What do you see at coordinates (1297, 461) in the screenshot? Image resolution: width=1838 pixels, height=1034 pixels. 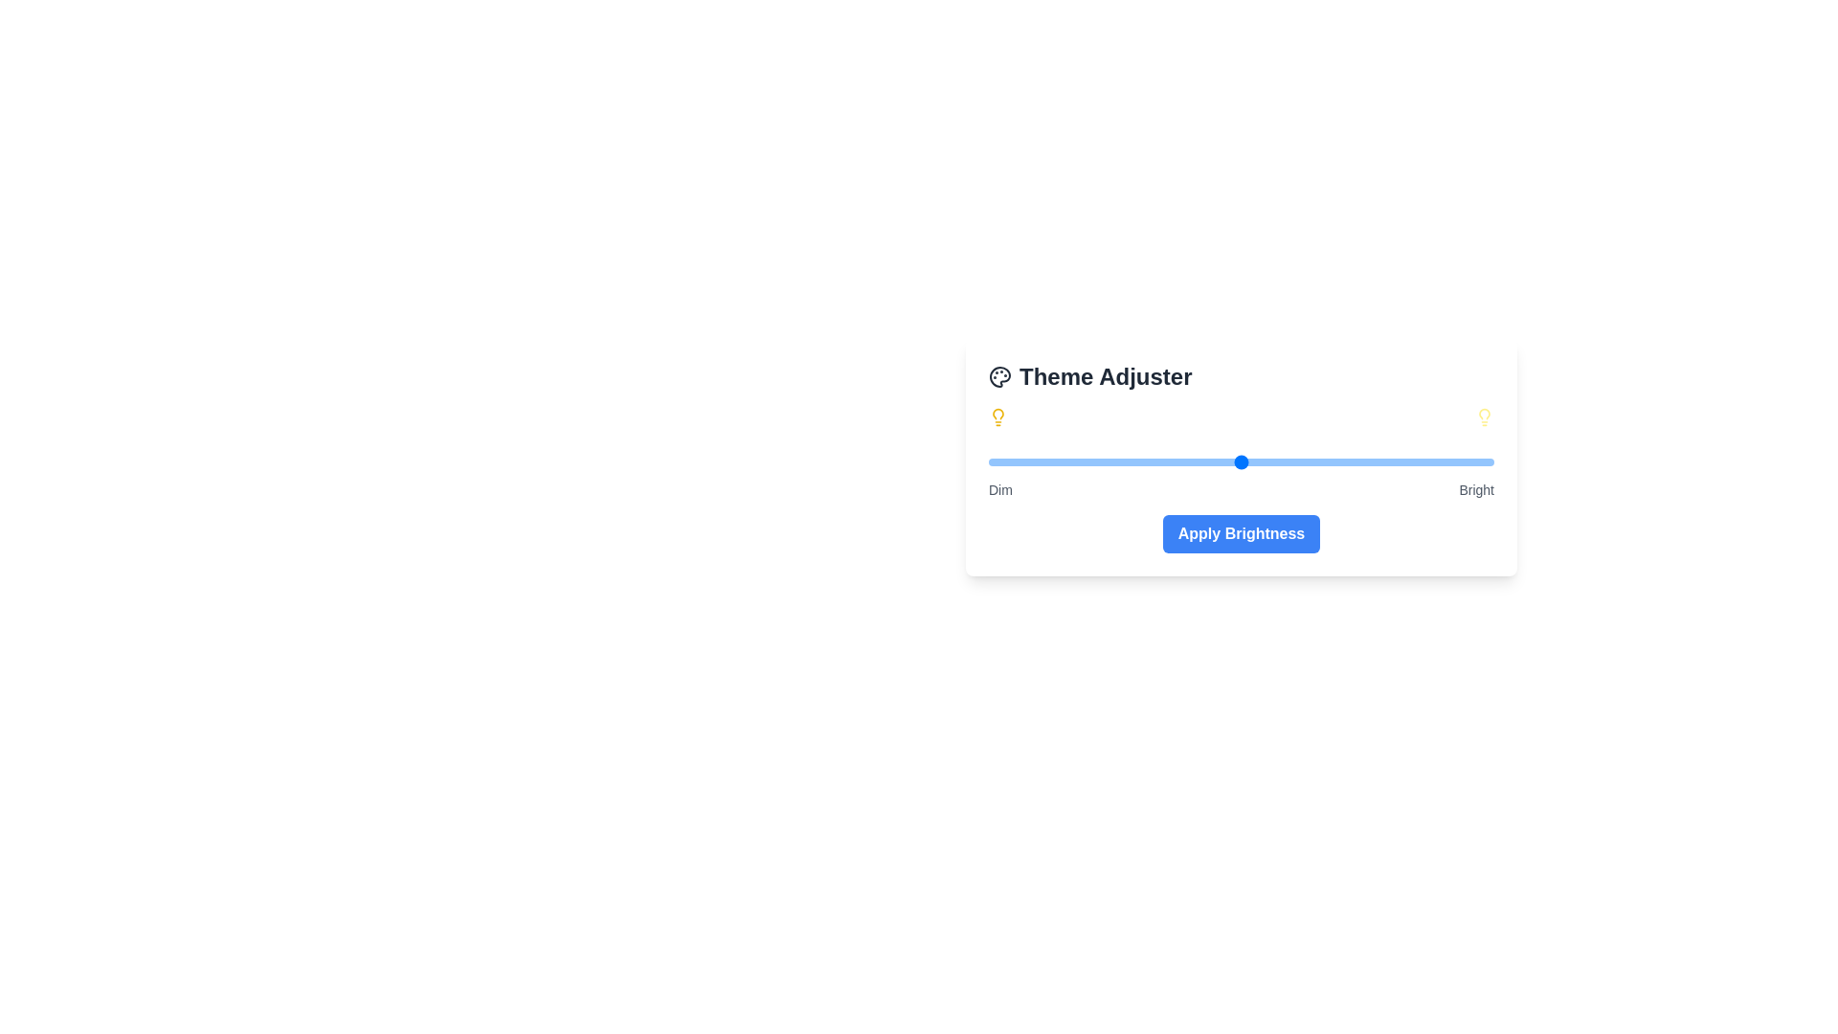 I see `the brightness slider to 61%` at bounding box center [1297, 461].